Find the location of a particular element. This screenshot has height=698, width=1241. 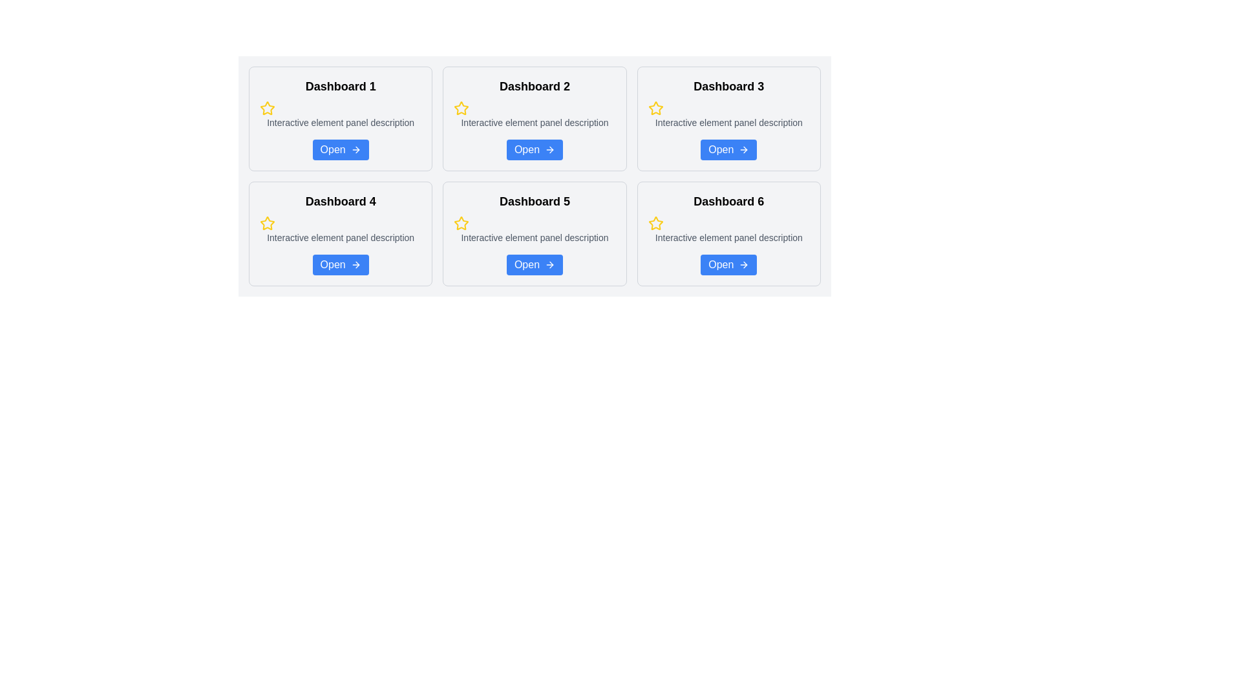

the 'Open' button in the 'Dashboard 4' card is located at coordinates (355, 264).